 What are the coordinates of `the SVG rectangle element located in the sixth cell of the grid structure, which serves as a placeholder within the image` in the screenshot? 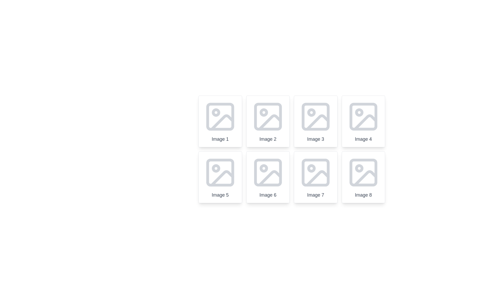 It's located at (268, 172).